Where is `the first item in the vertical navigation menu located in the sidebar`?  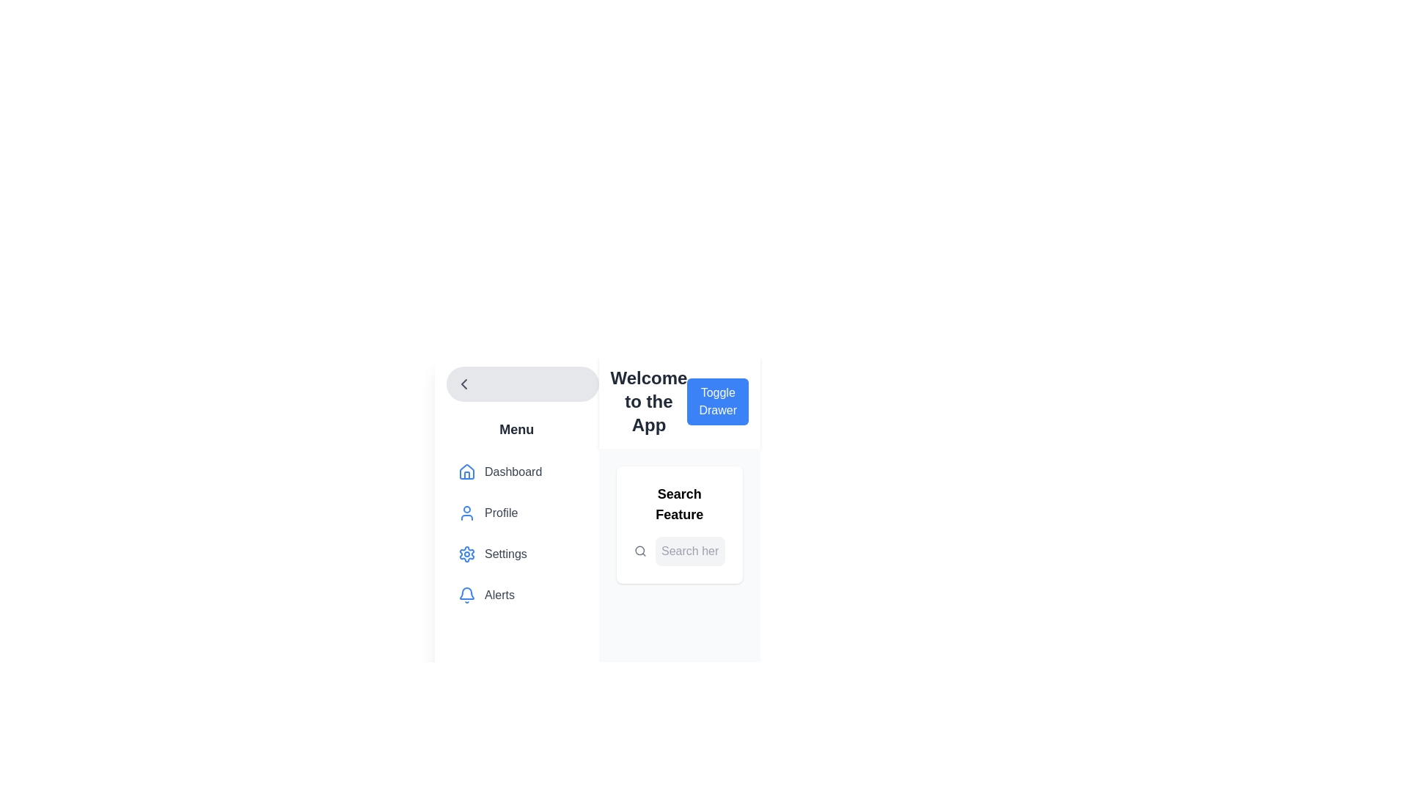
the first item in the vertical navigation menu located in the sidebar is located at coordinates (516, 472).